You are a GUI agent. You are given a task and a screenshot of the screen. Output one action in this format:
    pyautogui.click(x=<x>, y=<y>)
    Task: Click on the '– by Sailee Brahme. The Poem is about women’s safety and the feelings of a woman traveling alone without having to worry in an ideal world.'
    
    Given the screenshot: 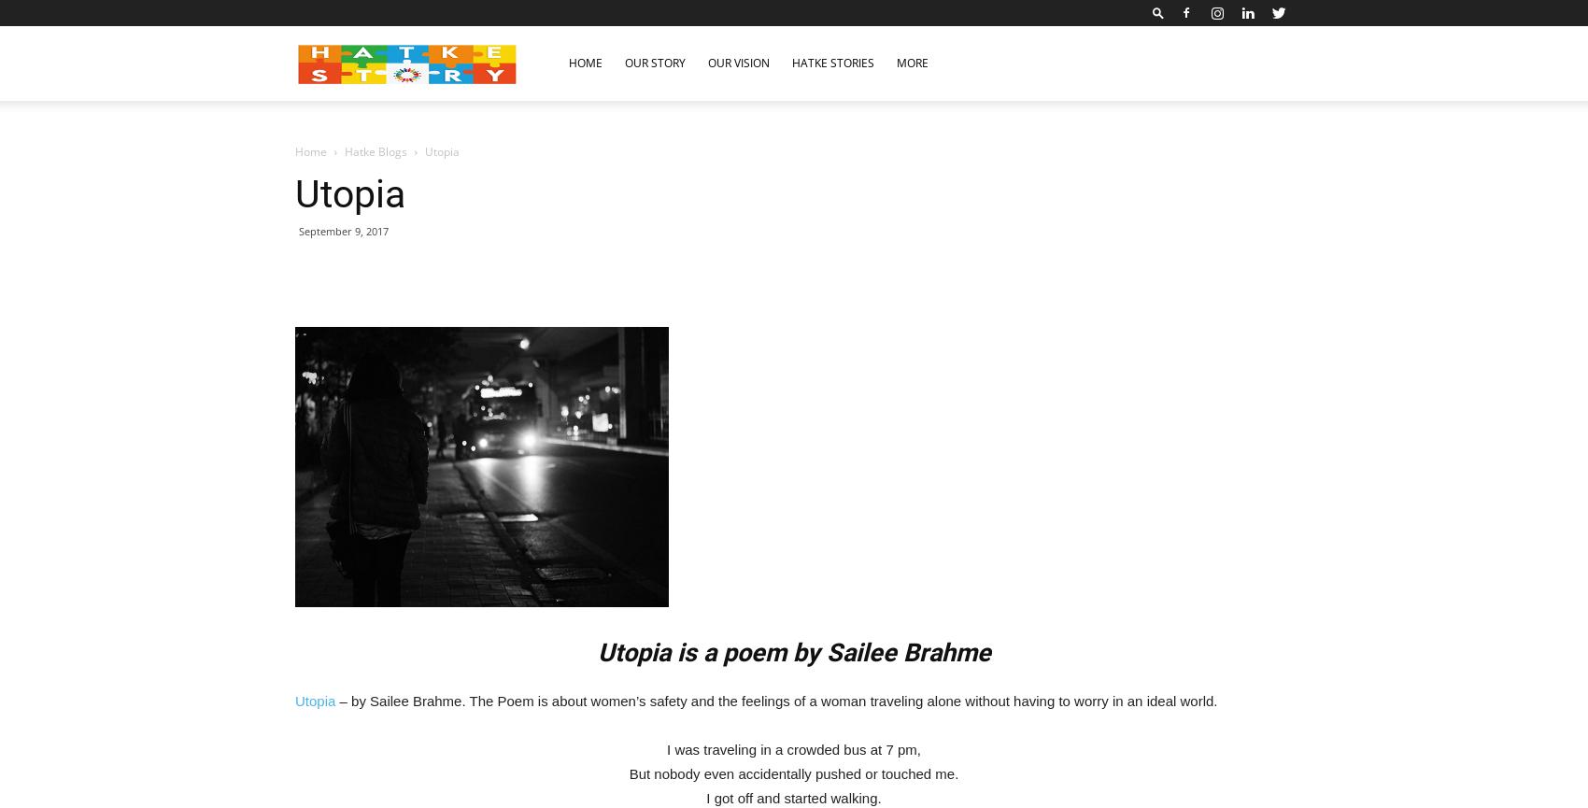 What is the action you would take?
    pyautogui.click(x=774, y=700)
    